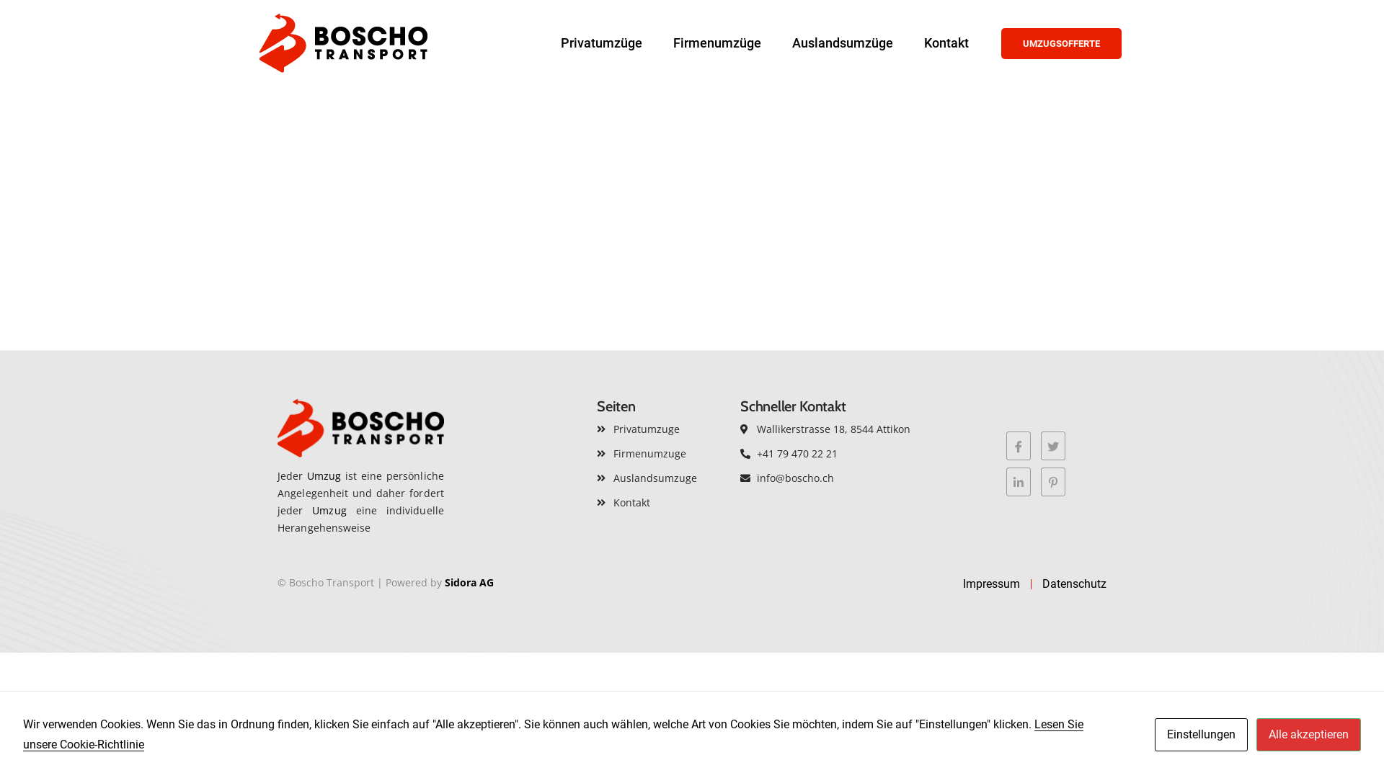 Image resolution: width=1384 pixels, height=778 pixels. What do you see at coordinates (660, 502) in the screenshot?
I see `'Kontakt'` at bounding box center [660, 502].